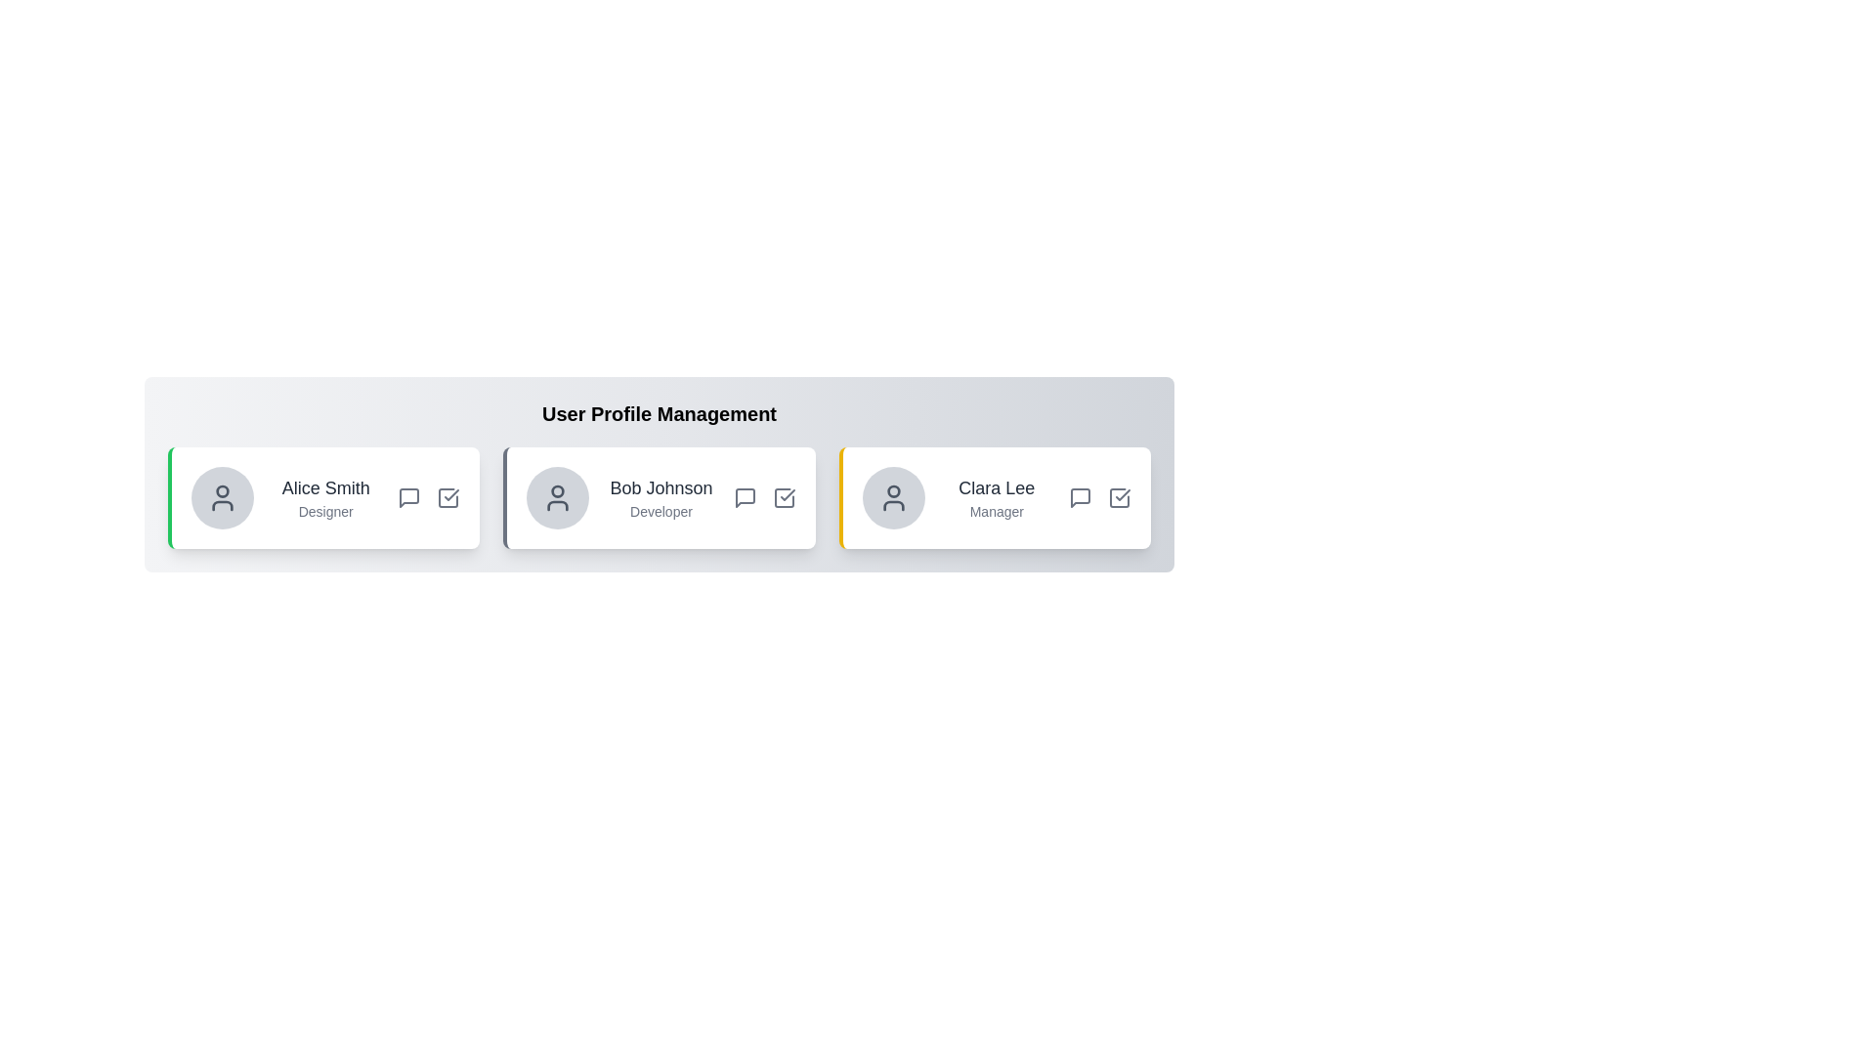 Image resolution: width=1876 pixels, height=1055 pixels. What do you see at coordinates (557, 504) in the screenshot?
I see `the icon representing user Bob Johnson, located in the second card from the left in the user profile list` at bounding box center [557, 504].